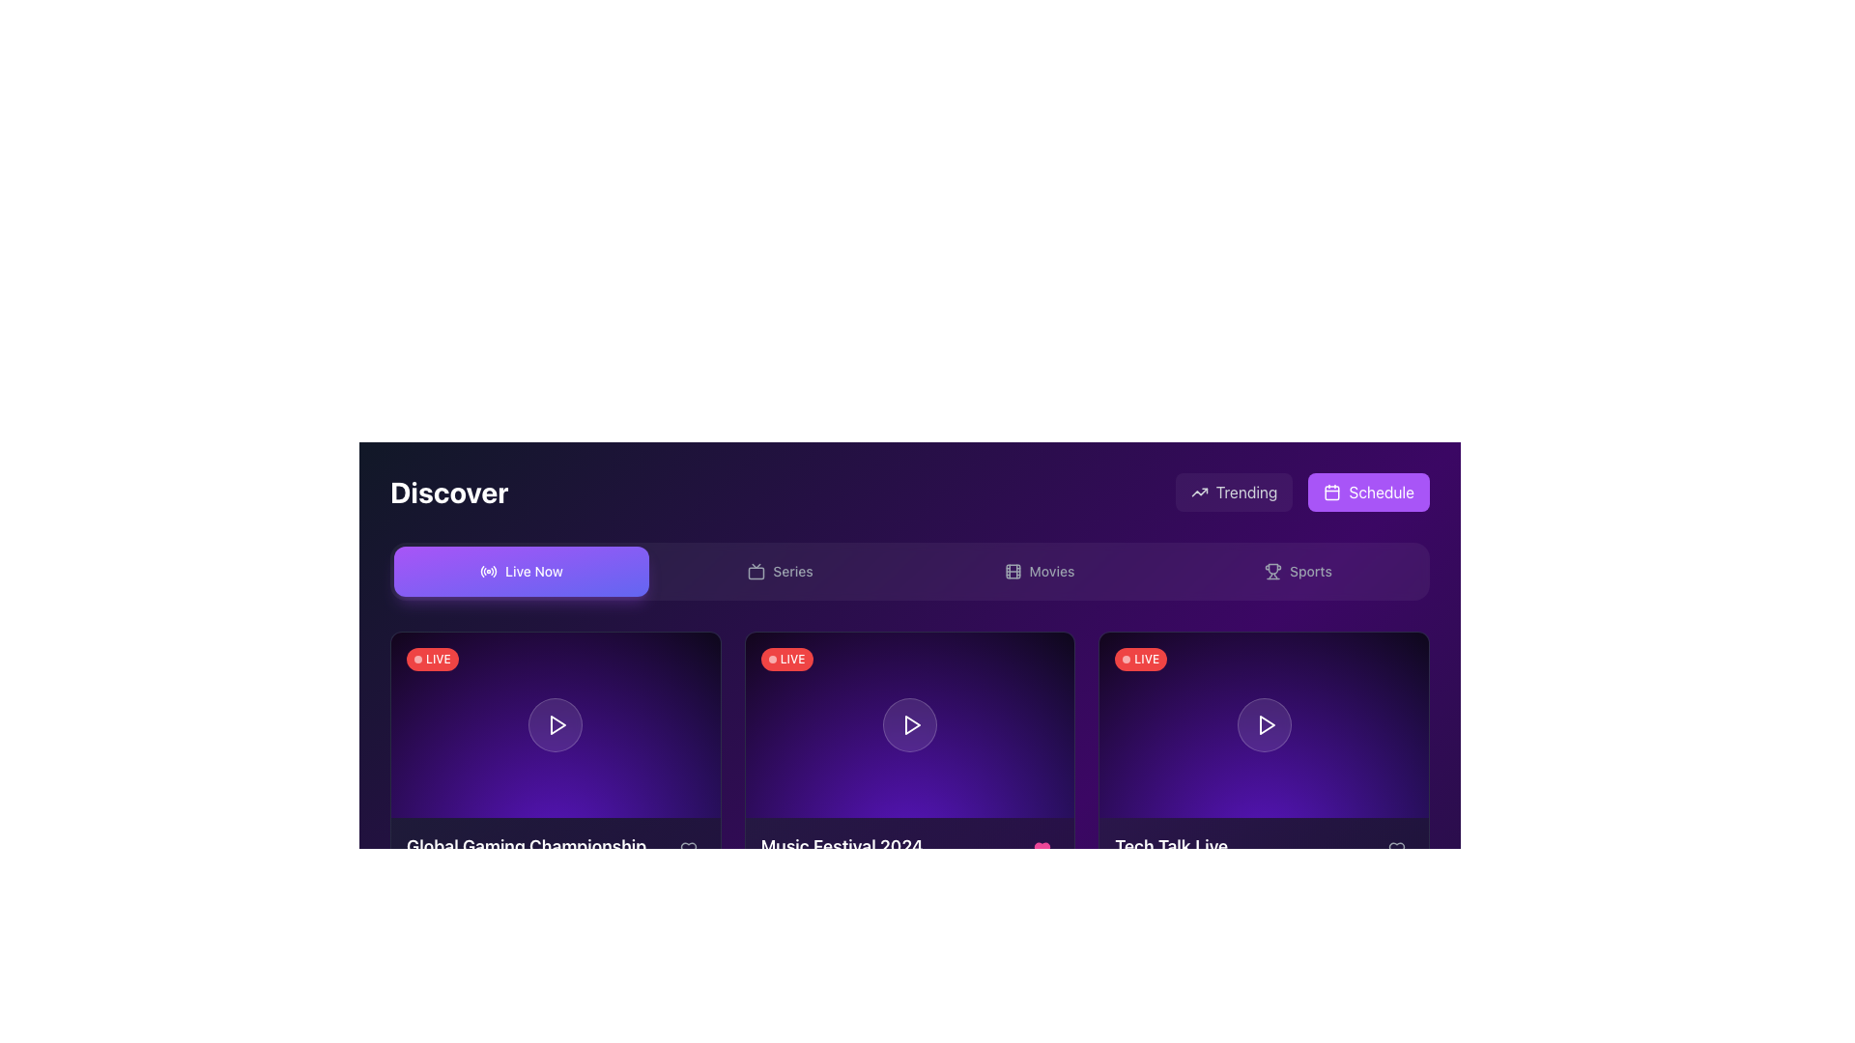 The height and width of the screenshot is (1043, 1855). I want to click on the play button with a circular icon and a triangular play symbol in white to play the video, so click(1264, 724).